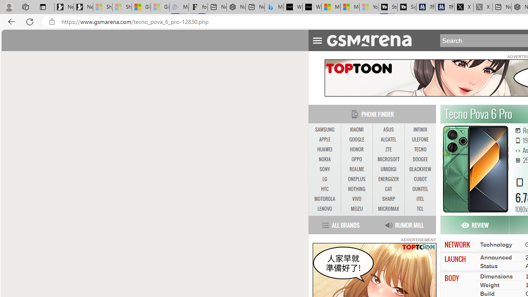 Image resolution: width=528 pixels, height=297 pixels. What do you see at coordinates (420, 199) in the screenshot?
I see `'ITEL'` at bounding box center [420, 199].